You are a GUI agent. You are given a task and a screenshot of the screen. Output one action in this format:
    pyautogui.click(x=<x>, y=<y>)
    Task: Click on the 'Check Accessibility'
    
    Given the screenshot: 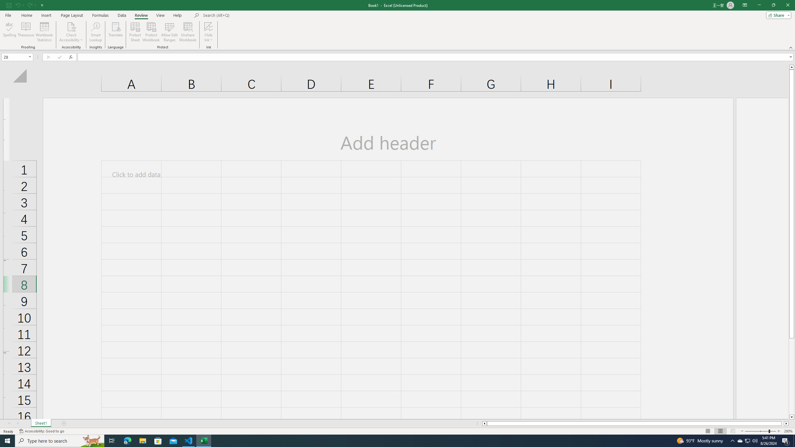 What is the action you would take?
    pyautogui.click(x=71, y=26)
    